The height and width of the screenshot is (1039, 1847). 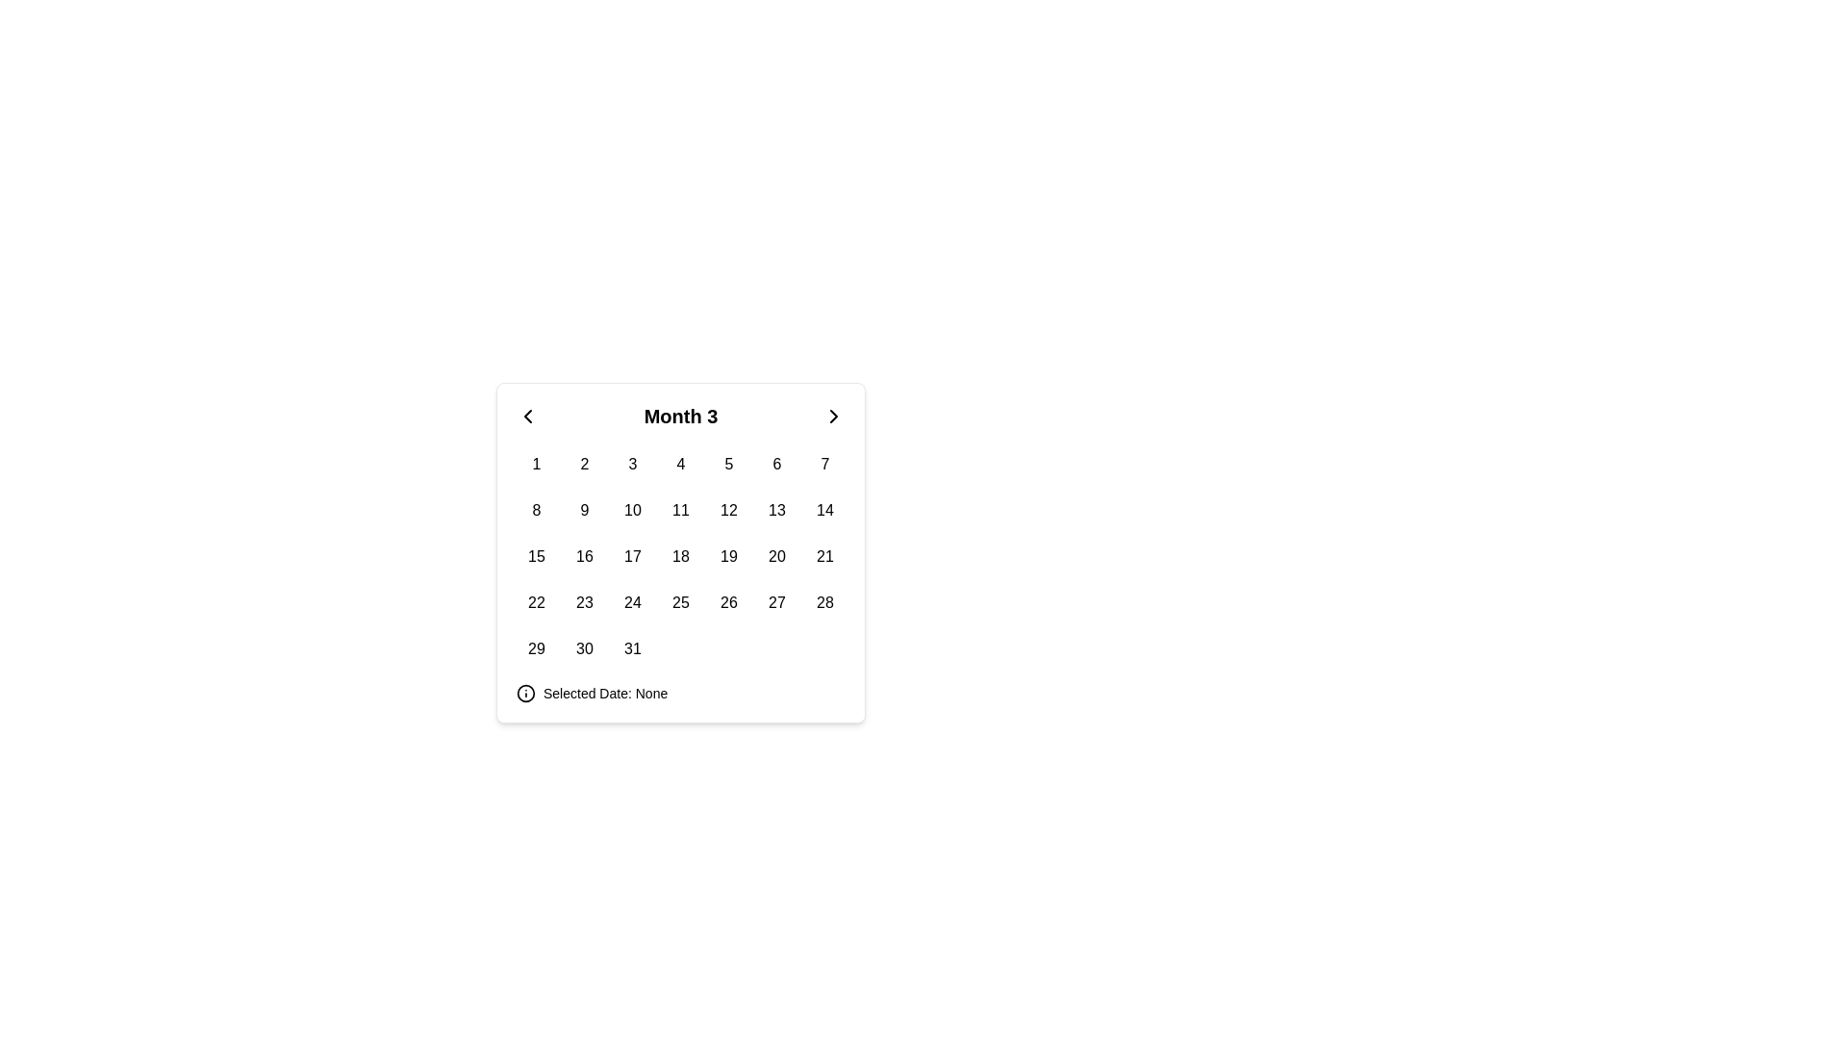 What do you see at coordinates (584, 510) in the screenshot?
I see `the second cell in the second row of the calendar date grid, which visually highlights the date it corresponds to` at bounding box center [584, 510].